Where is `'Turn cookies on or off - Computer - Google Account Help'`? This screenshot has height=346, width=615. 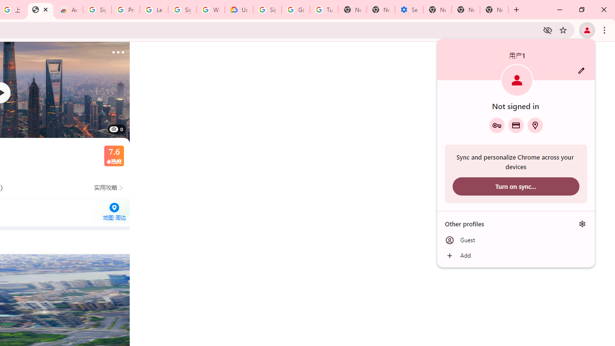
'Turn cookies on or off - Computer - Google Account Help' is located at coordinates (324, 10).